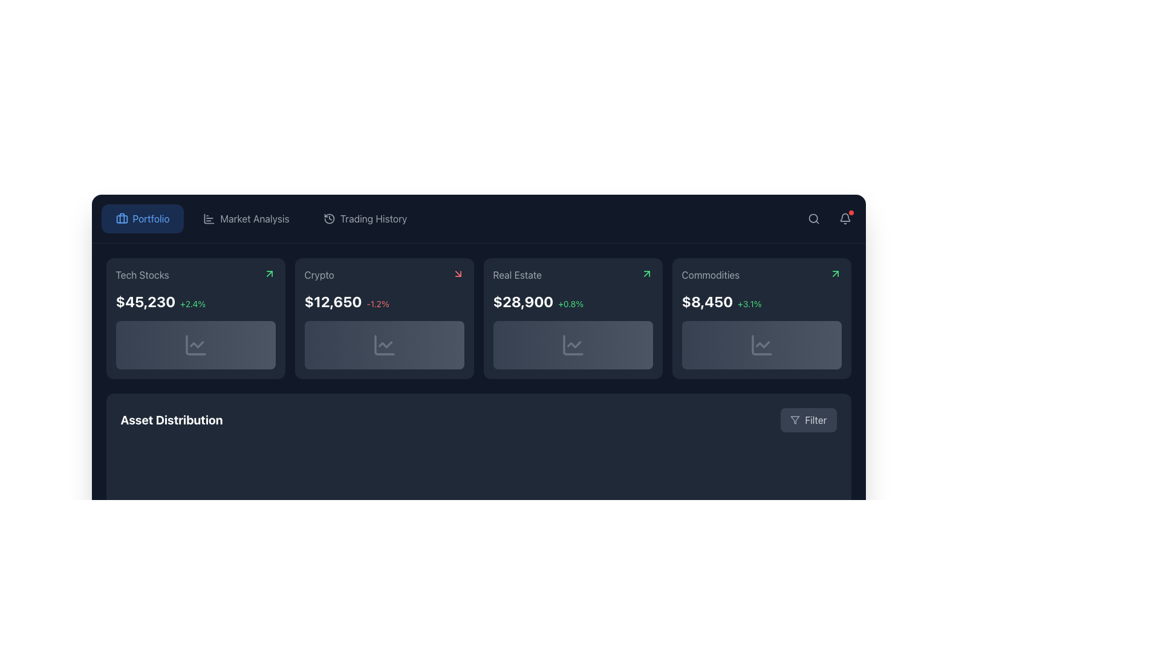 The image size is (1161, 653). I want to click on the upward pointing green arrow icon located in the top-right corner of the 'Tech Stocks' card, next to the card's title, so click(268, 273).